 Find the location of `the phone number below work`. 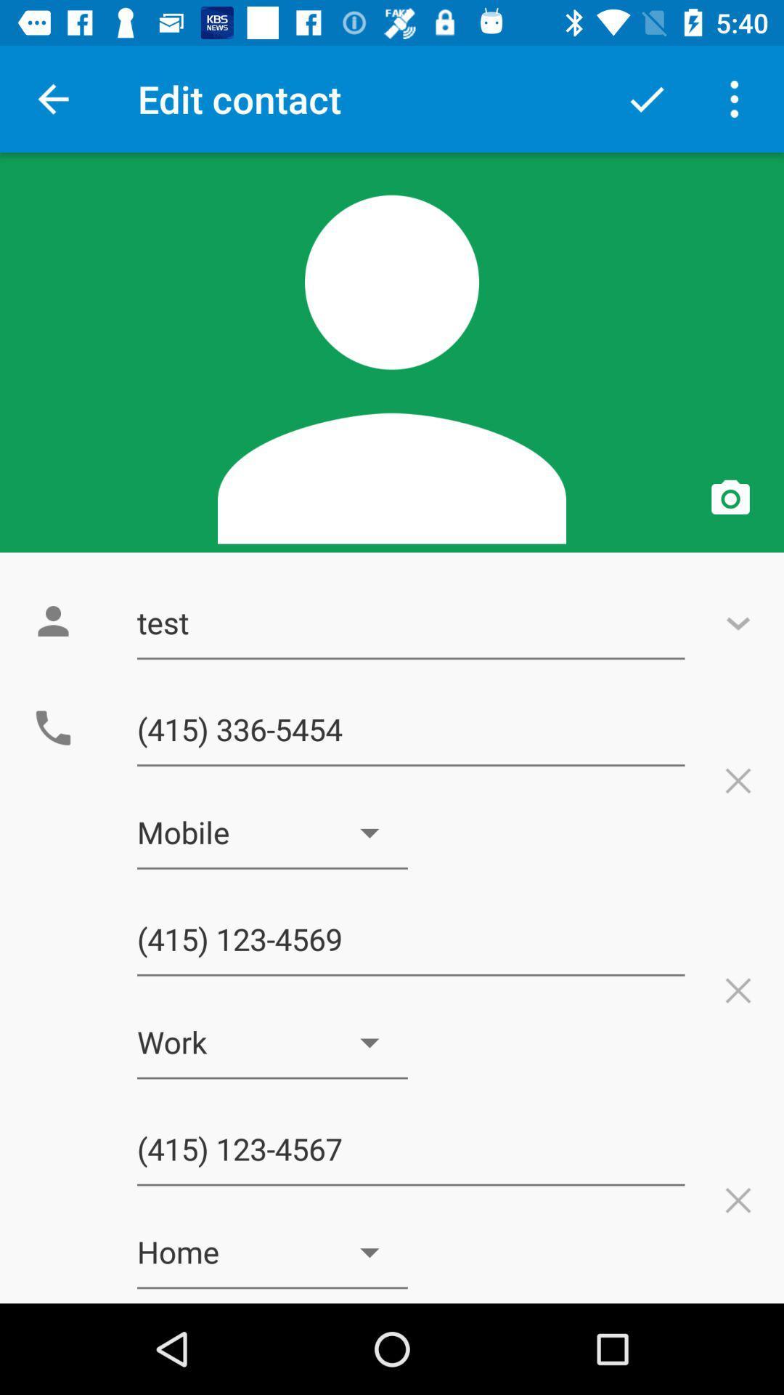

the phone number below work is located at coordinates (411, 1149).